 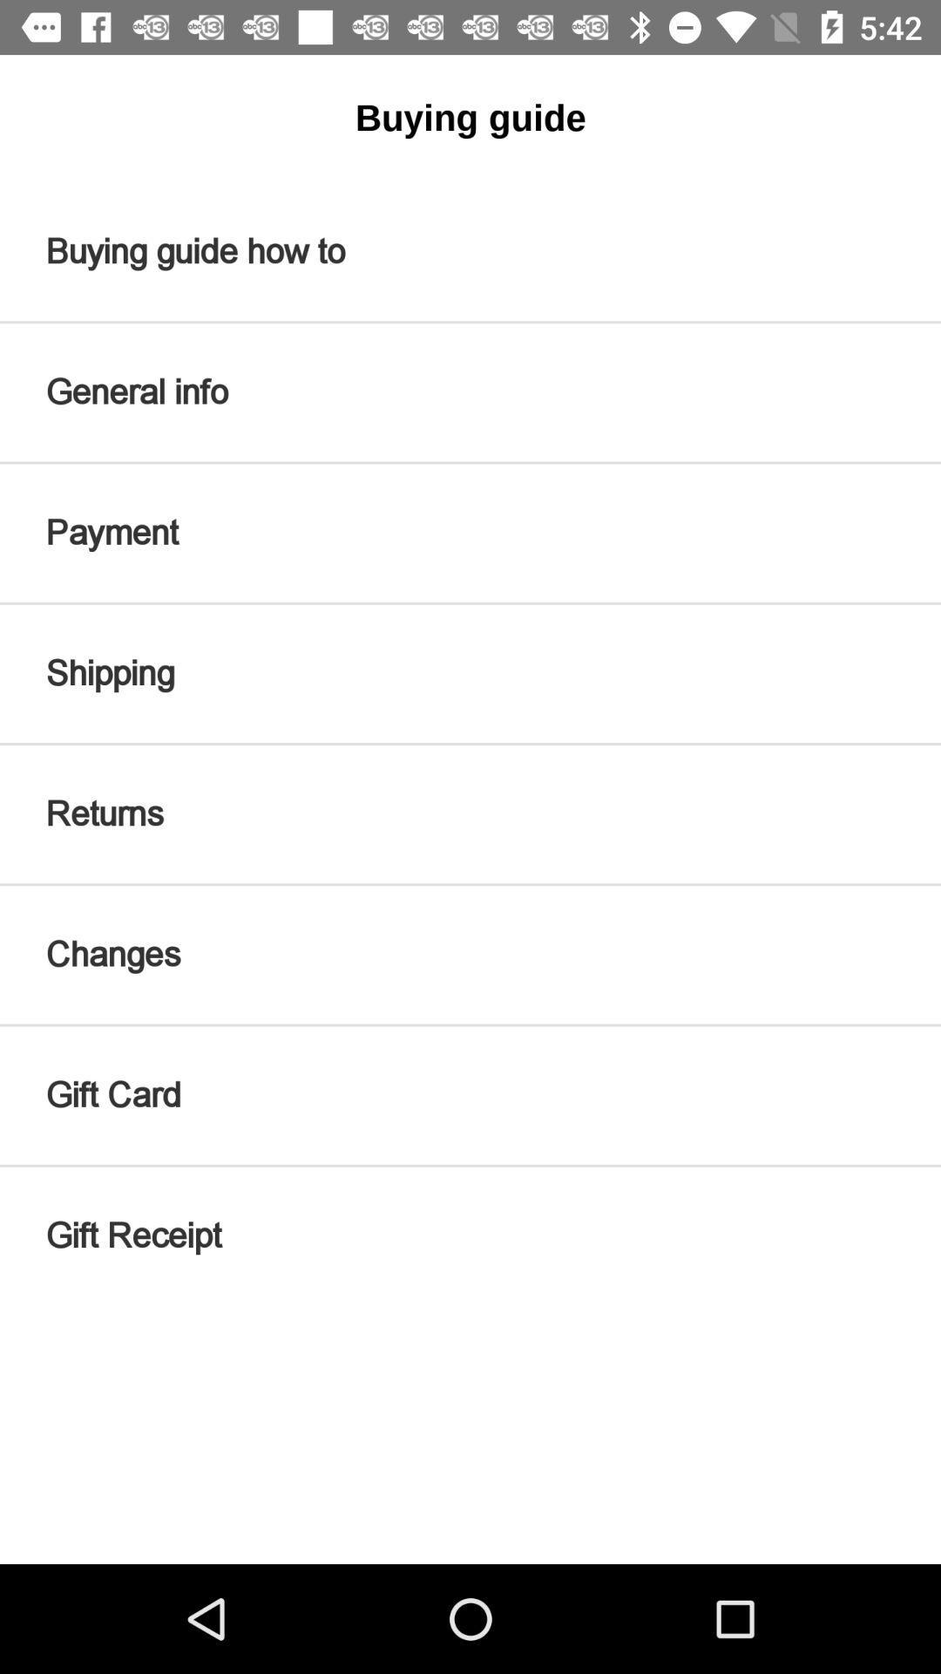 I want to click on the returns, so click(x=470, y=813).